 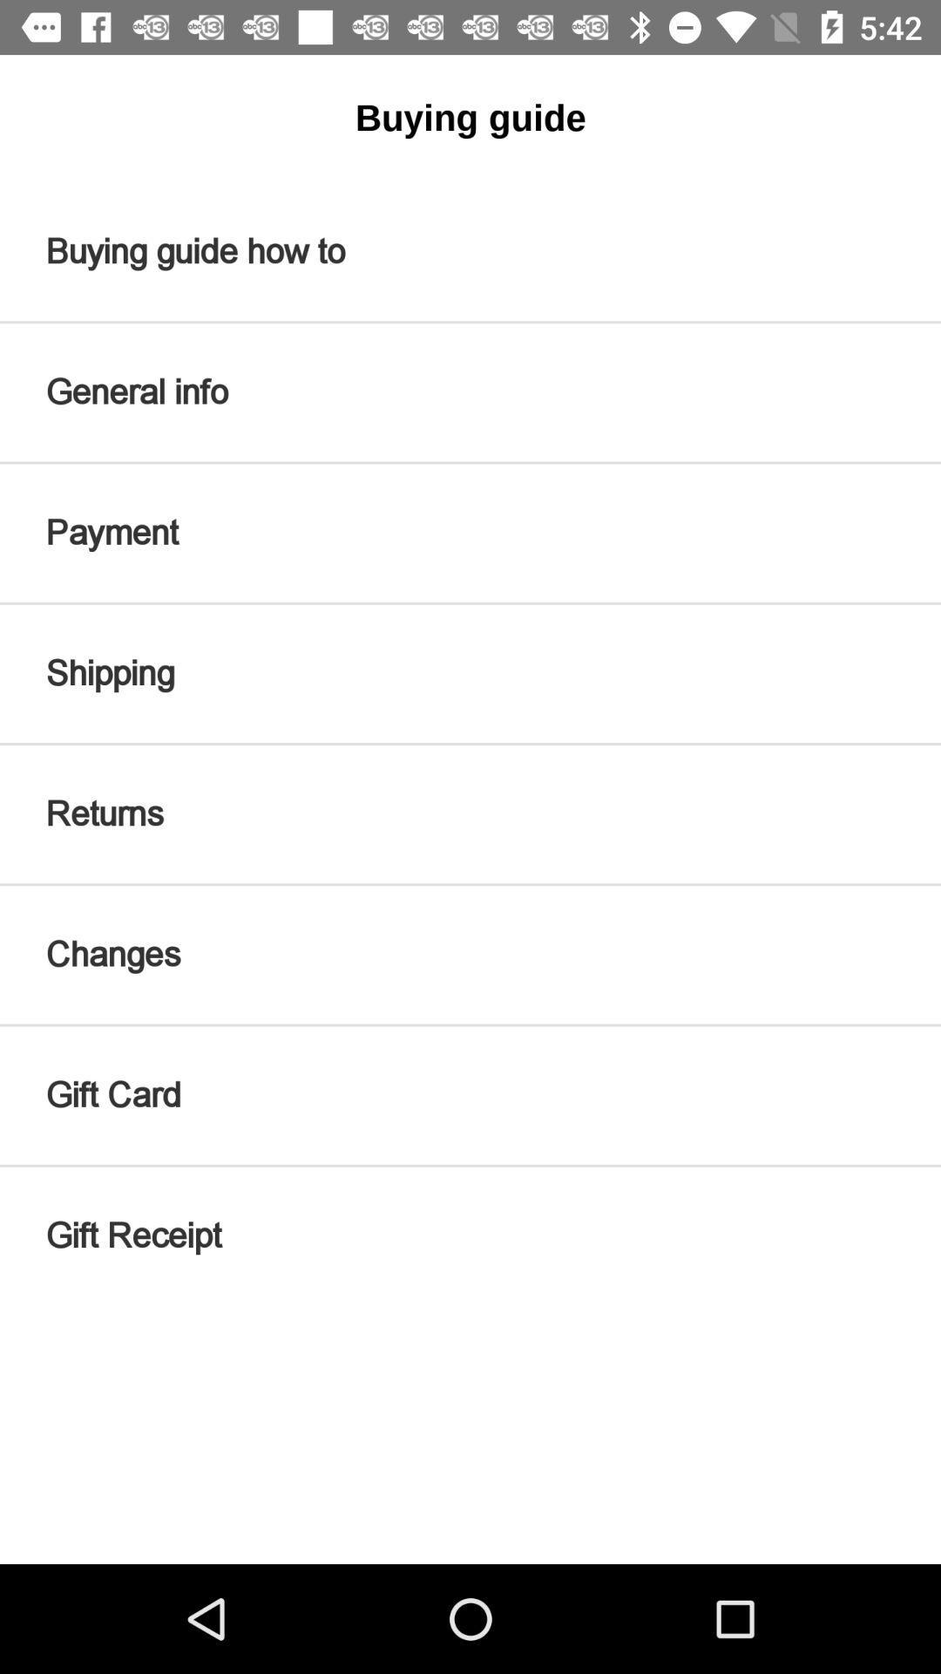 I want to click on the returns, so click(x=470, y=813).